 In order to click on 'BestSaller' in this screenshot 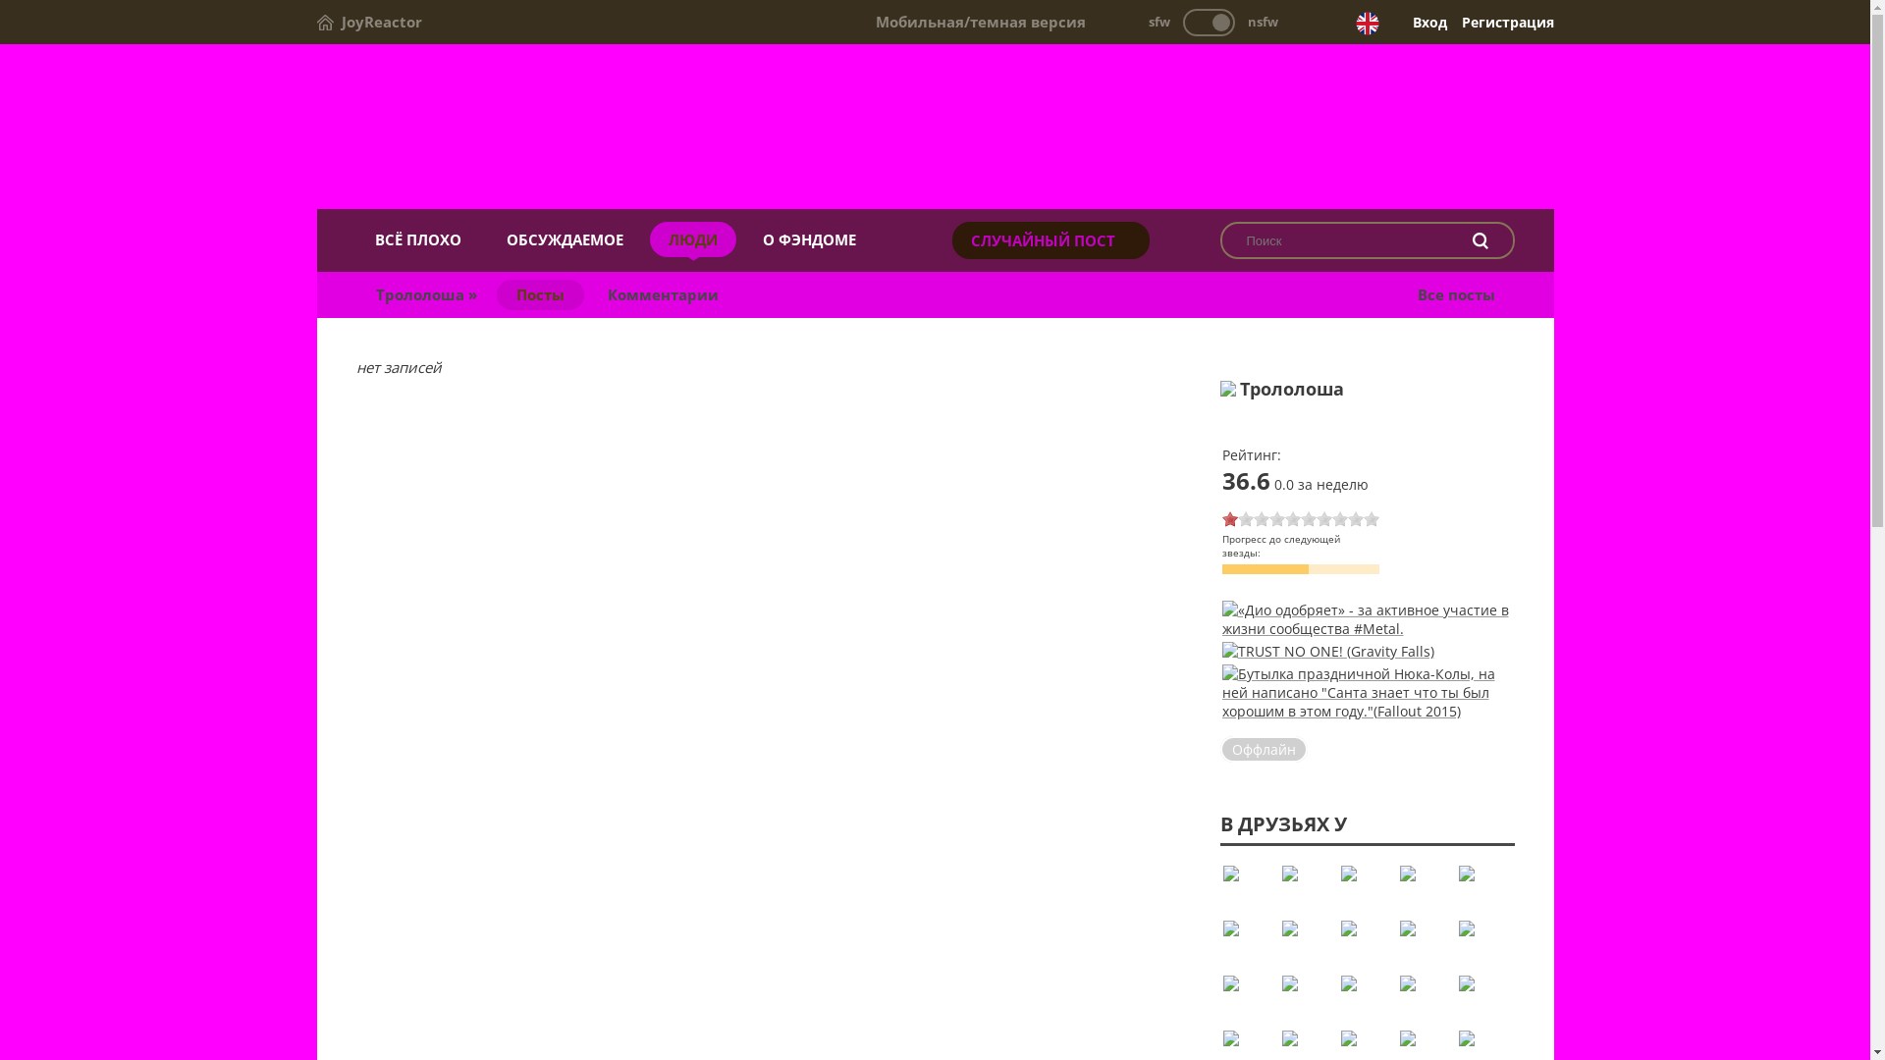, I will do `click(1365, 996)`.